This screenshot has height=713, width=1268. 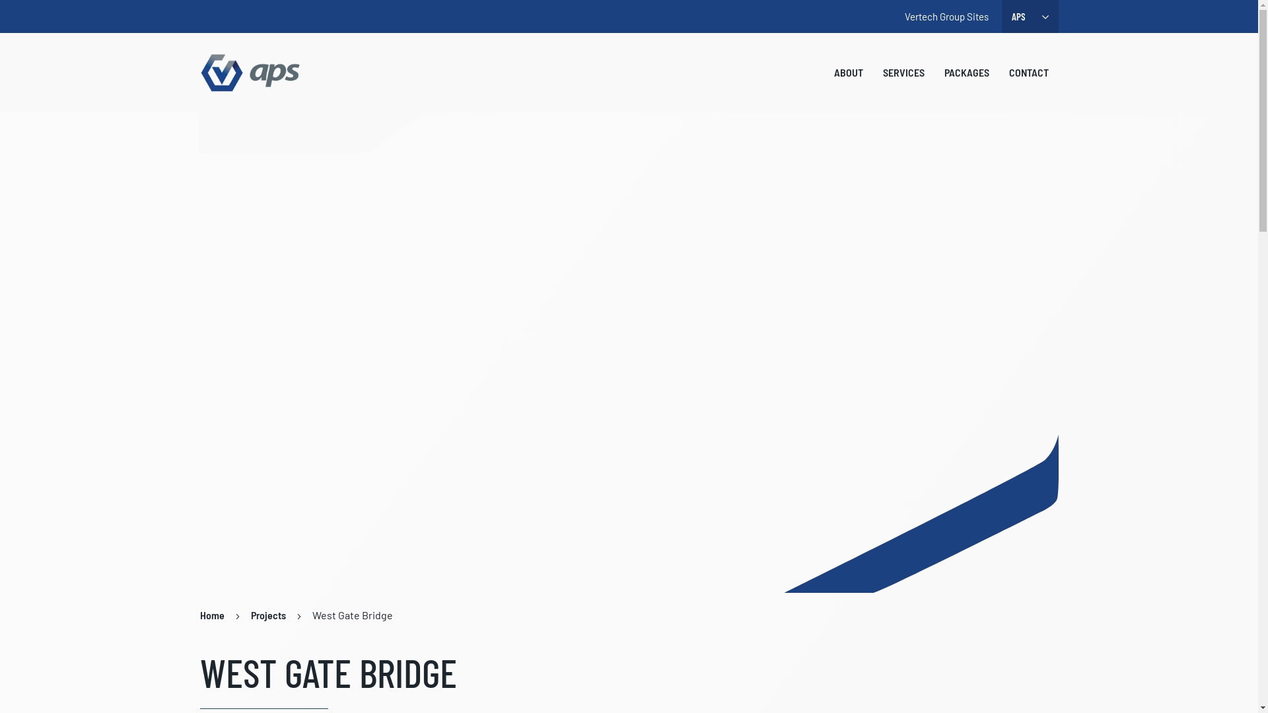 What do you see at coordinates (267, 615) in the screenshot?
I see `'Projects'` at bounding box center [267, 615].